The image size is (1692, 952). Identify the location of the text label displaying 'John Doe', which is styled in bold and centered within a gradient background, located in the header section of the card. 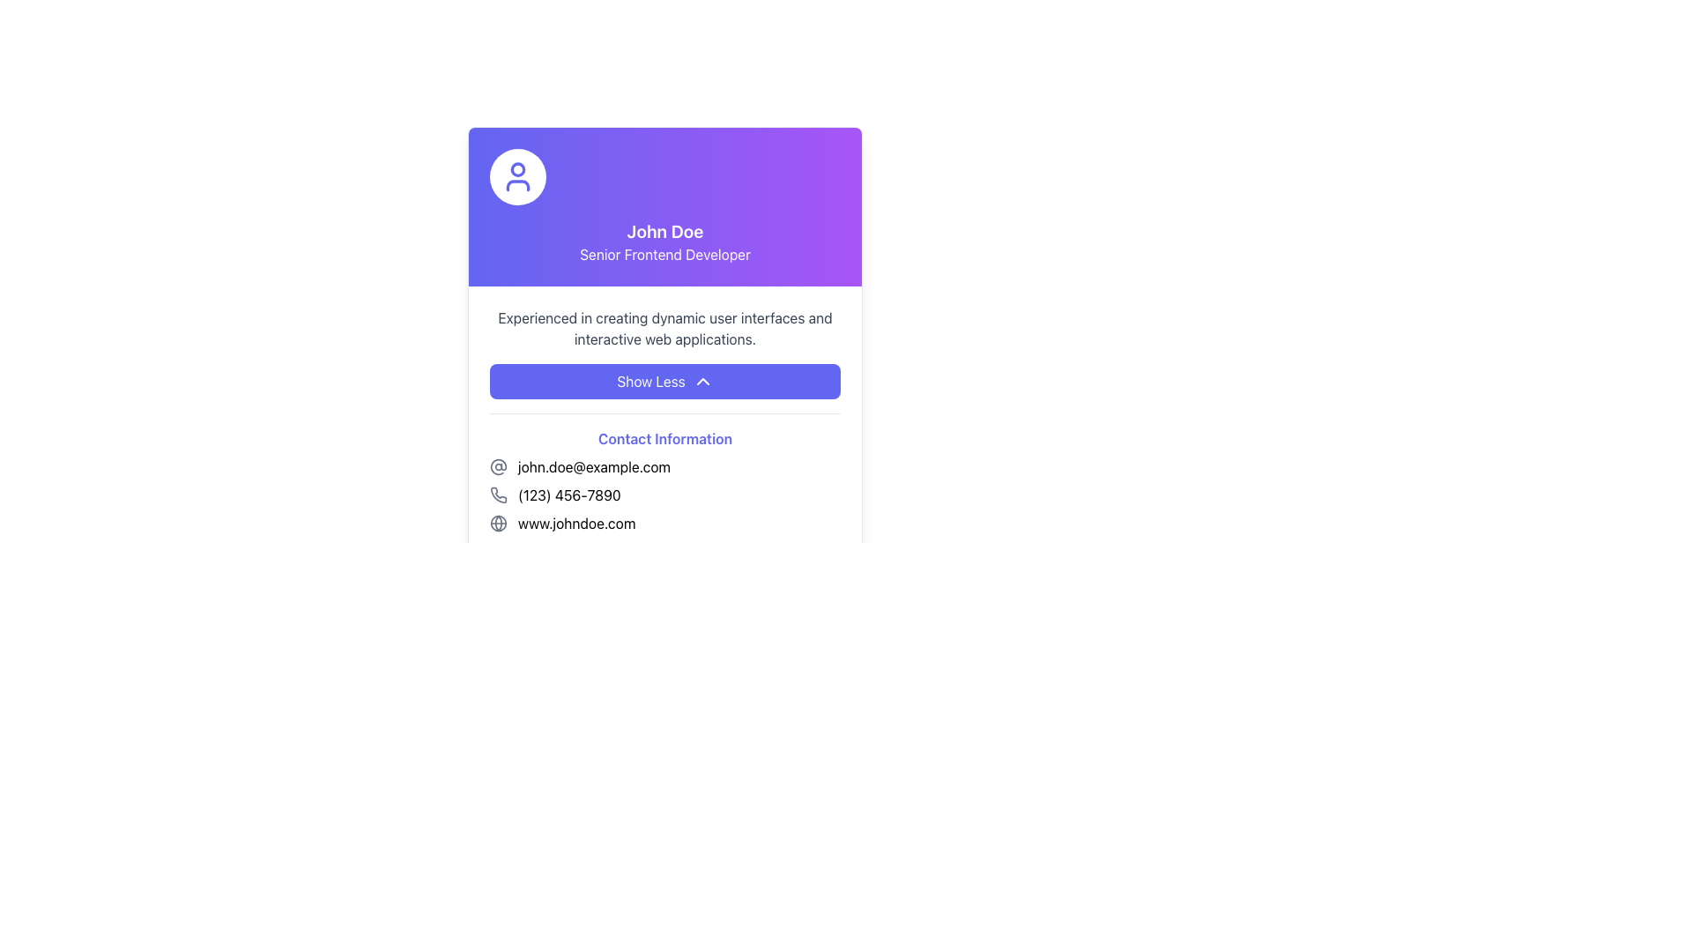
(664, 230).